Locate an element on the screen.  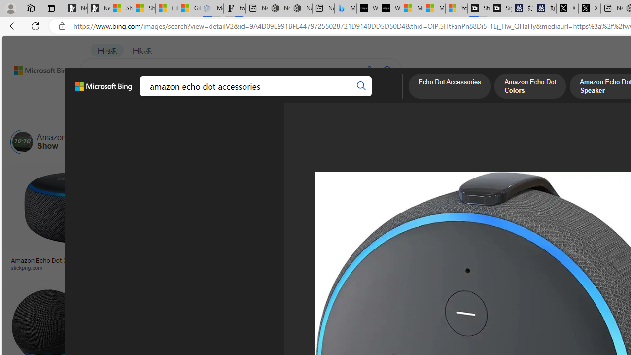
'Microsoft Bing, Back to Bing search' is located at coordinates (103, 90).